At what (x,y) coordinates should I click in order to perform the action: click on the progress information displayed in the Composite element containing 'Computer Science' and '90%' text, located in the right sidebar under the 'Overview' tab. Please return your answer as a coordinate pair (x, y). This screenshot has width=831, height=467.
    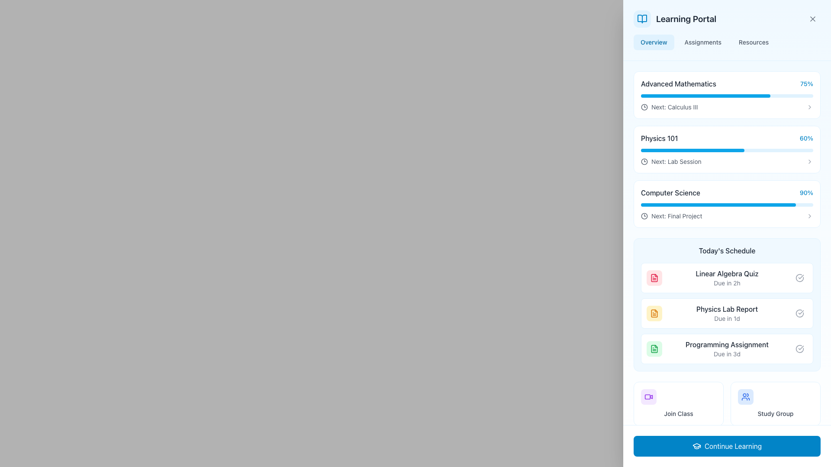
    Looking at the image, I should click on (727, 192).